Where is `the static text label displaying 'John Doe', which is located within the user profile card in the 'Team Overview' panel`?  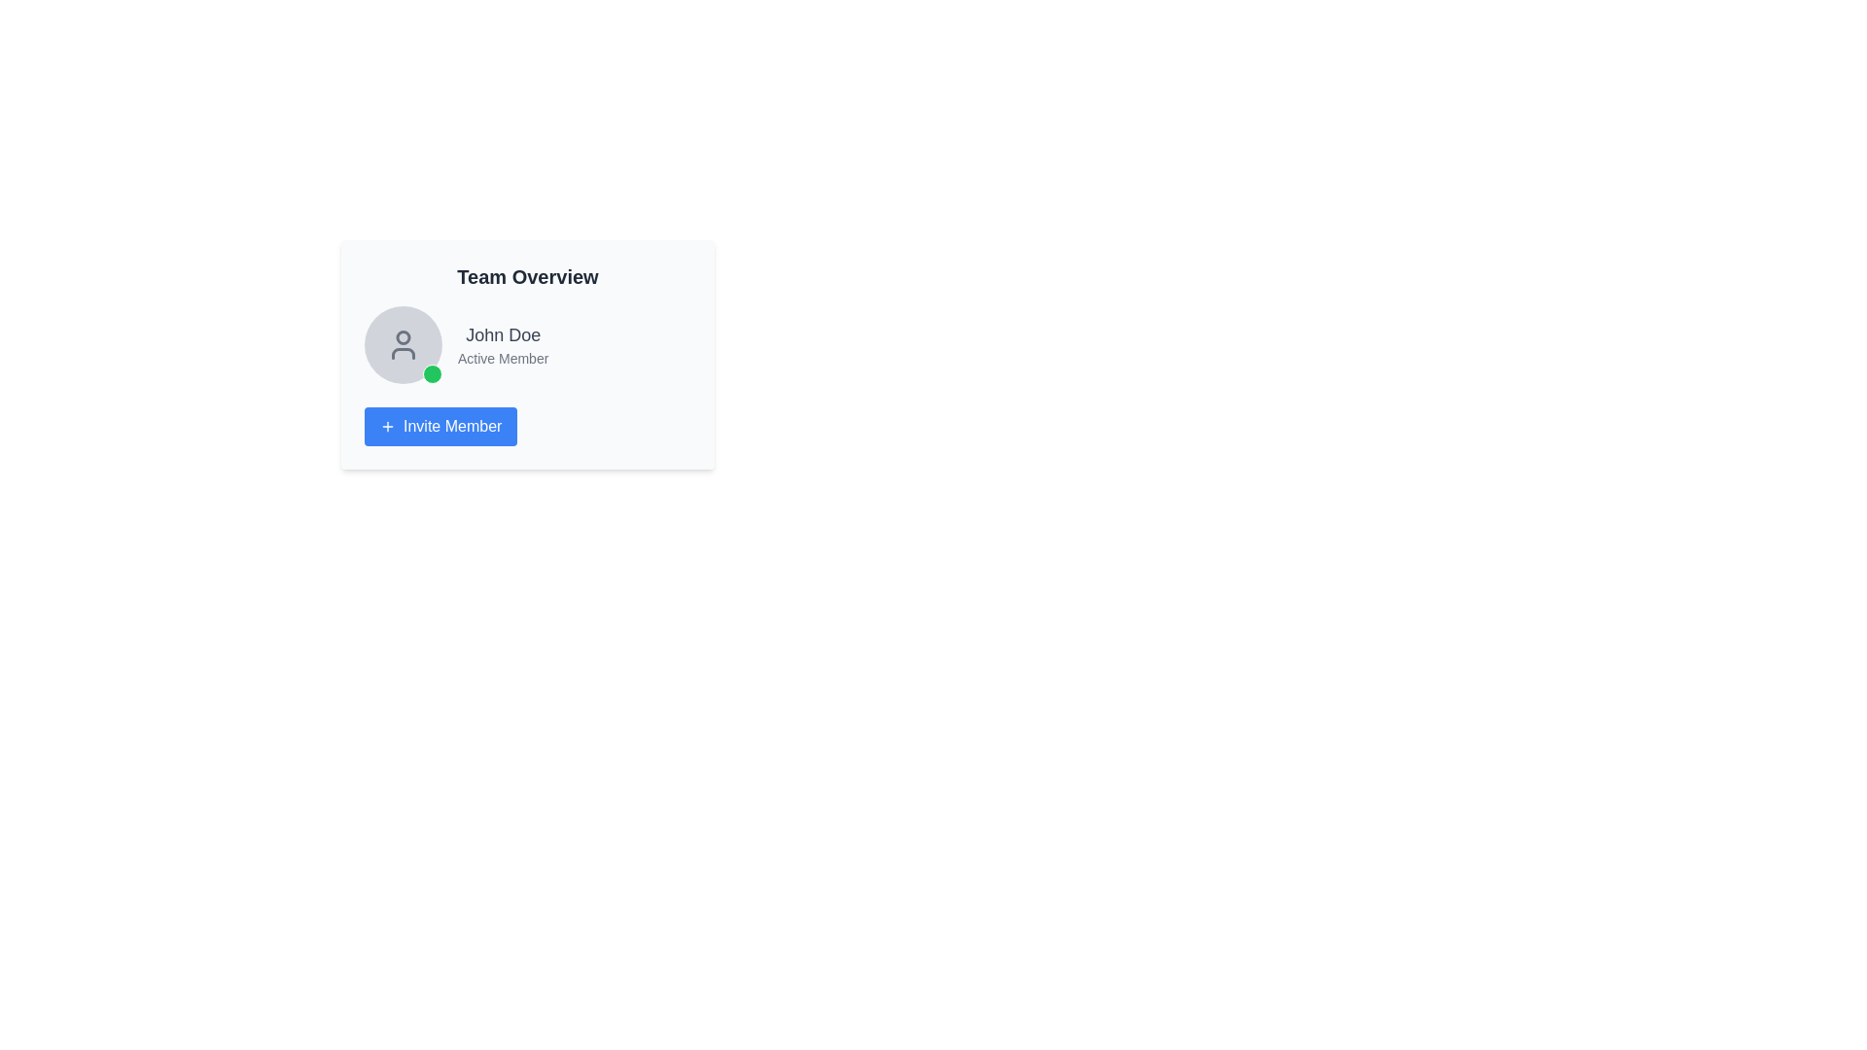
the static text label displaying 'John Doe', which is located within the user profile card in the 'Team Overview' panel is located at coordinates (503, 333).